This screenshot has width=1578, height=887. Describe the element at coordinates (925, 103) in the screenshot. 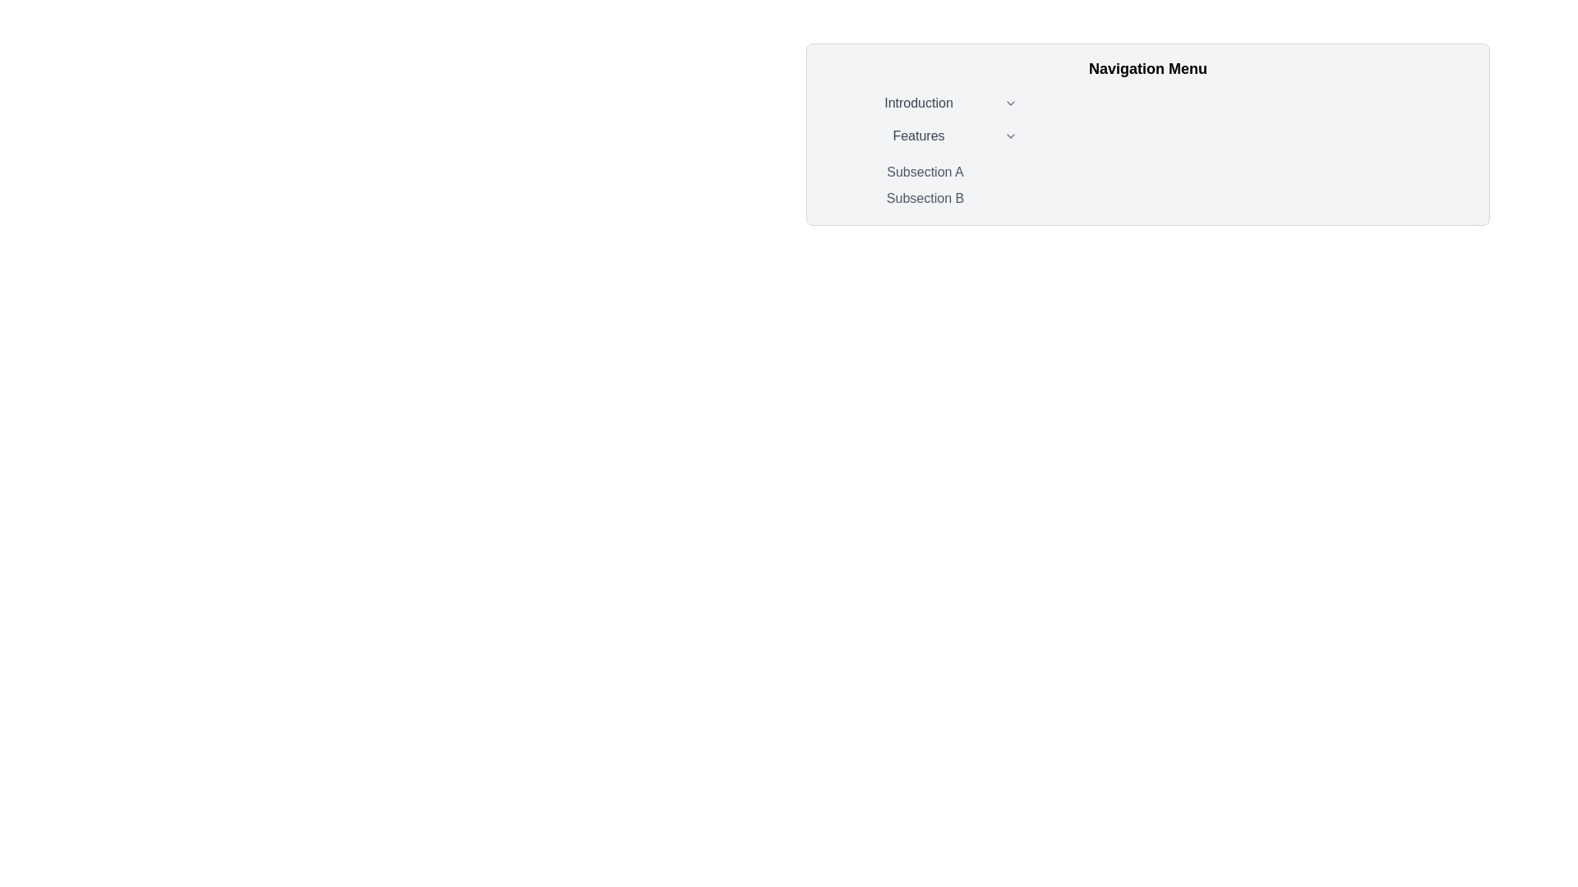

I see `the 'Introduction' text in the navigation menu` at that location.